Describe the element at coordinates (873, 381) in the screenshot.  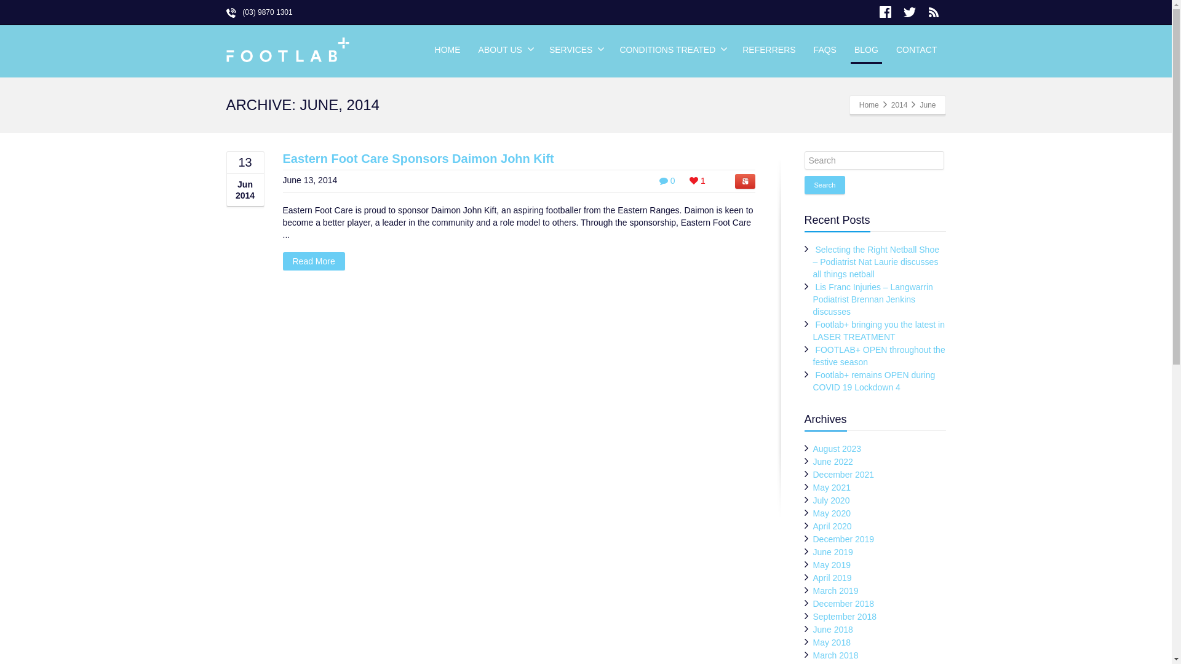
I see `'Footlab+ remains OPEN during COVID 19 Lockdown 4'` at that location.